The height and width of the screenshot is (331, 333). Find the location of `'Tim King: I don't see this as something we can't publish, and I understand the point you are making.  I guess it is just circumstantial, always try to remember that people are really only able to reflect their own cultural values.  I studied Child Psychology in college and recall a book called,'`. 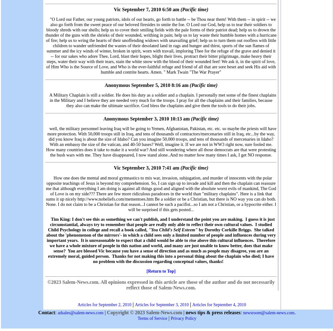

'Tim King: I don't see this as something we can't publish, and I understand the point you are making.  I guess it is just circumstantial, always try to remember that people are really only able to reflect their own cultural values.  I studied Child Psychology in college and recall a book called,' is located at coordinates (161, 224).